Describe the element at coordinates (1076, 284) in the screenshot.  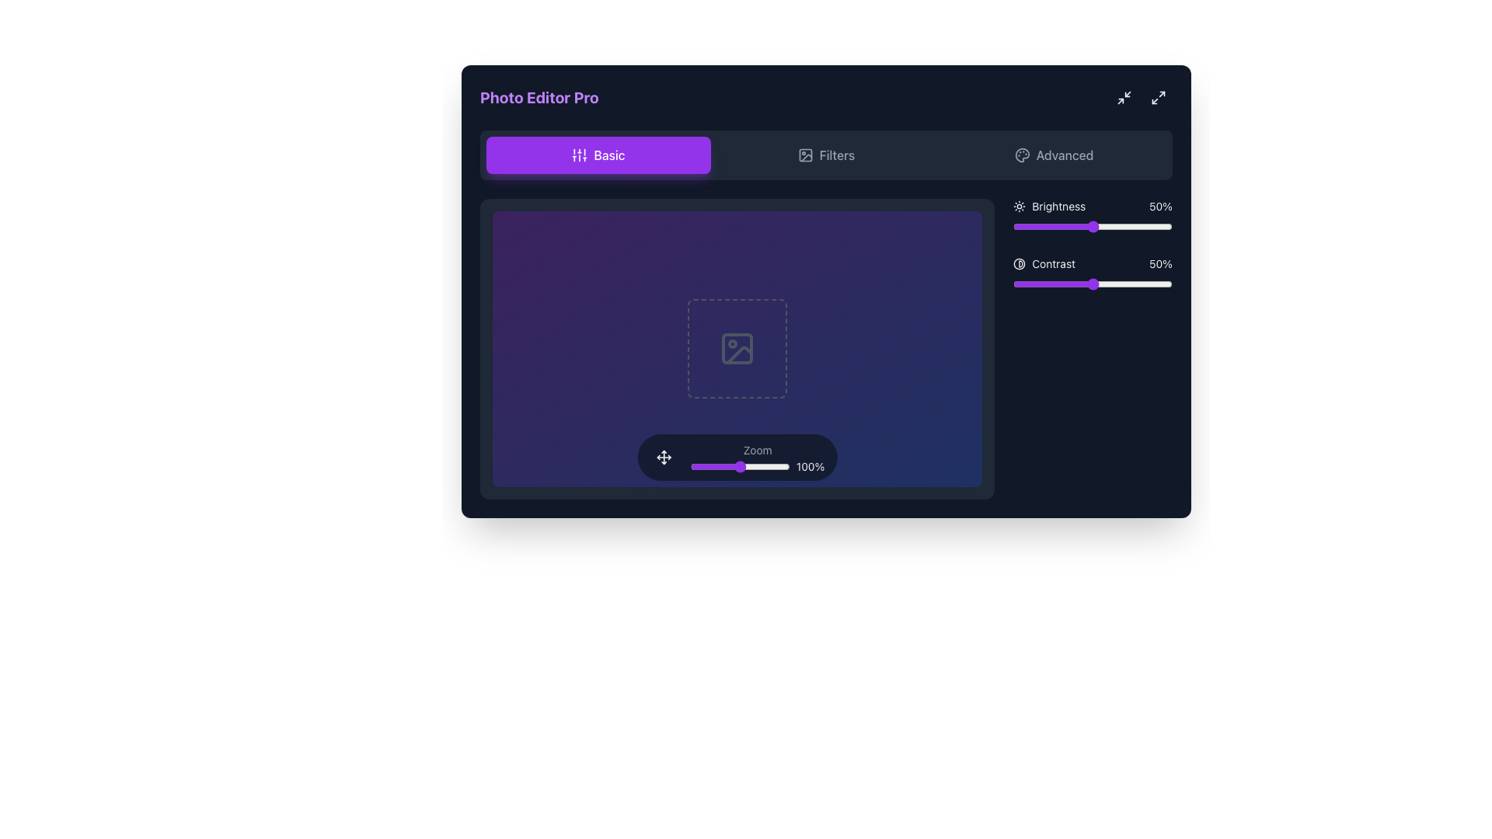
I see `the slider` at that location.